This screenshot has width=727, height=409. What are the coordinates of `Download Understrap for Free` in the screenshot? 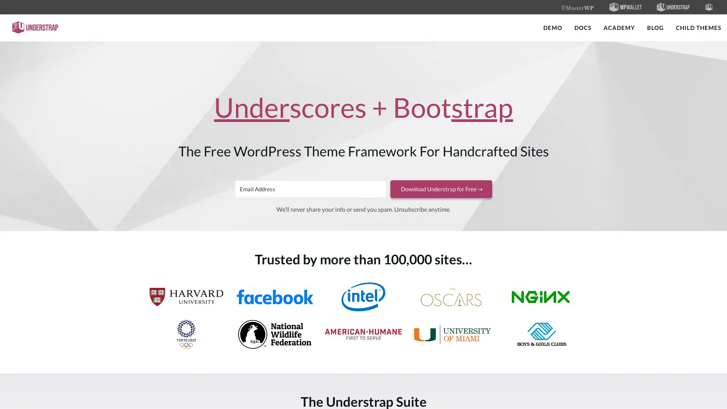 It's located at (441, 187).